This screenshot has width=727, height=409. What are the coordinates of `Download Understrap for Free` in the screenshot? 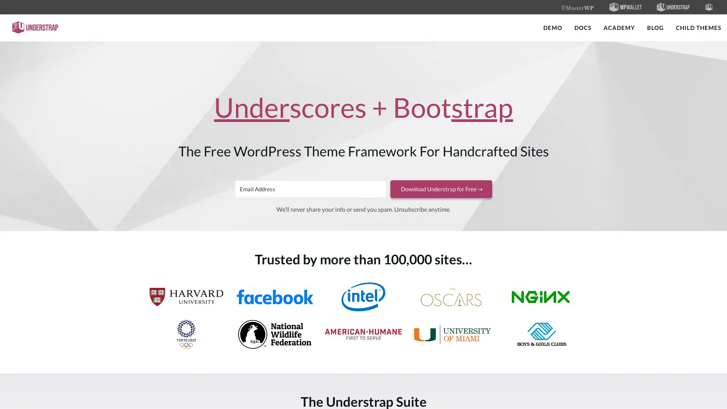 It's located at (441, 187).